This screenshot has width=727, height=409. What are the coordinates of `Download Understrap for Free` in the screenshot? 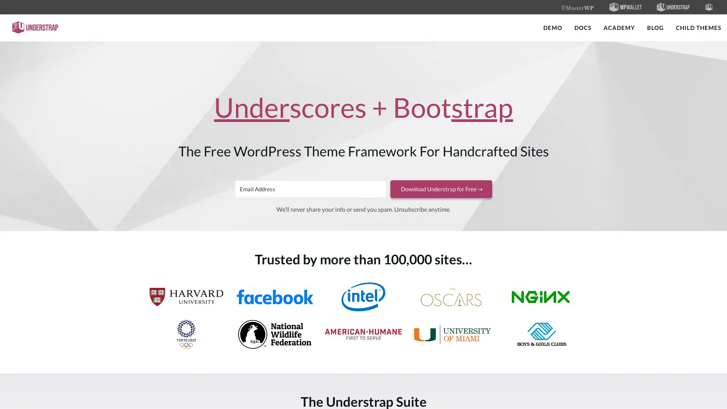 It's located at (441, 187).